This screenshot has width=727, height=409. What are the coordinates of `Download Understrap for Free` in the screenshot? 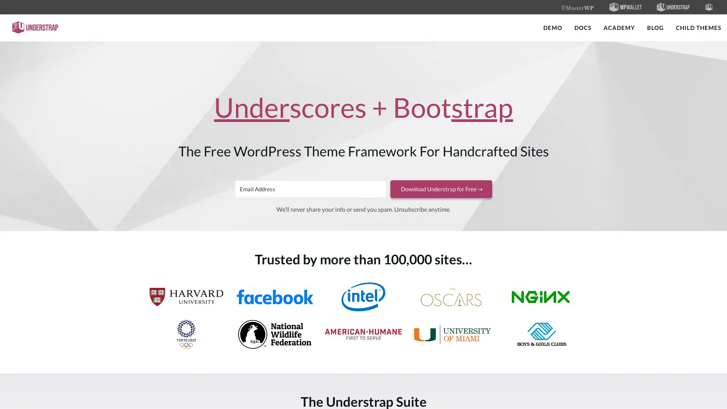 It's located at (441, 187).